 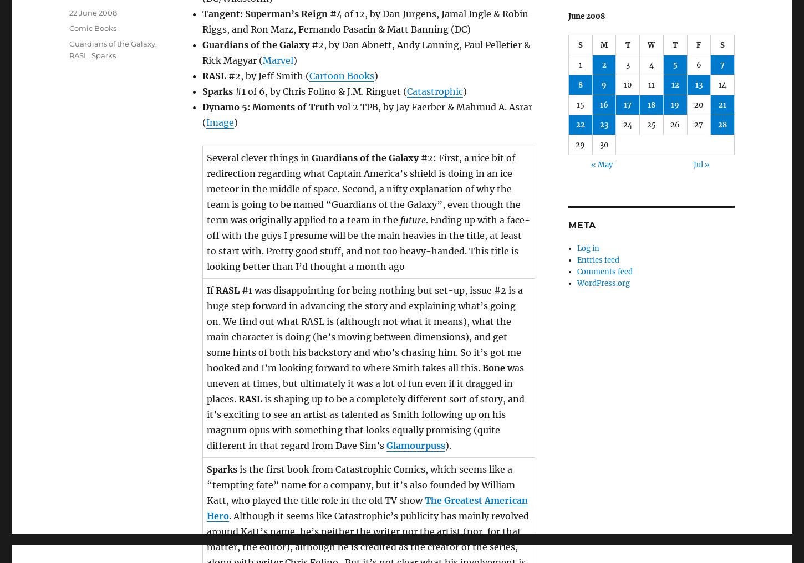 What do you see at coordinates (92, 28) in the screenshot?
I see `'Comic Books'` at bounding box center [92, 28].